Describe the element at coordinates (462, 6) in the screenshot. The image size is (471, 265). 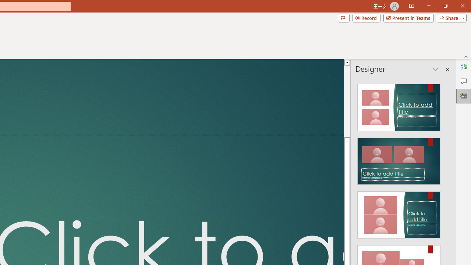
I see `'Close'` at that location.